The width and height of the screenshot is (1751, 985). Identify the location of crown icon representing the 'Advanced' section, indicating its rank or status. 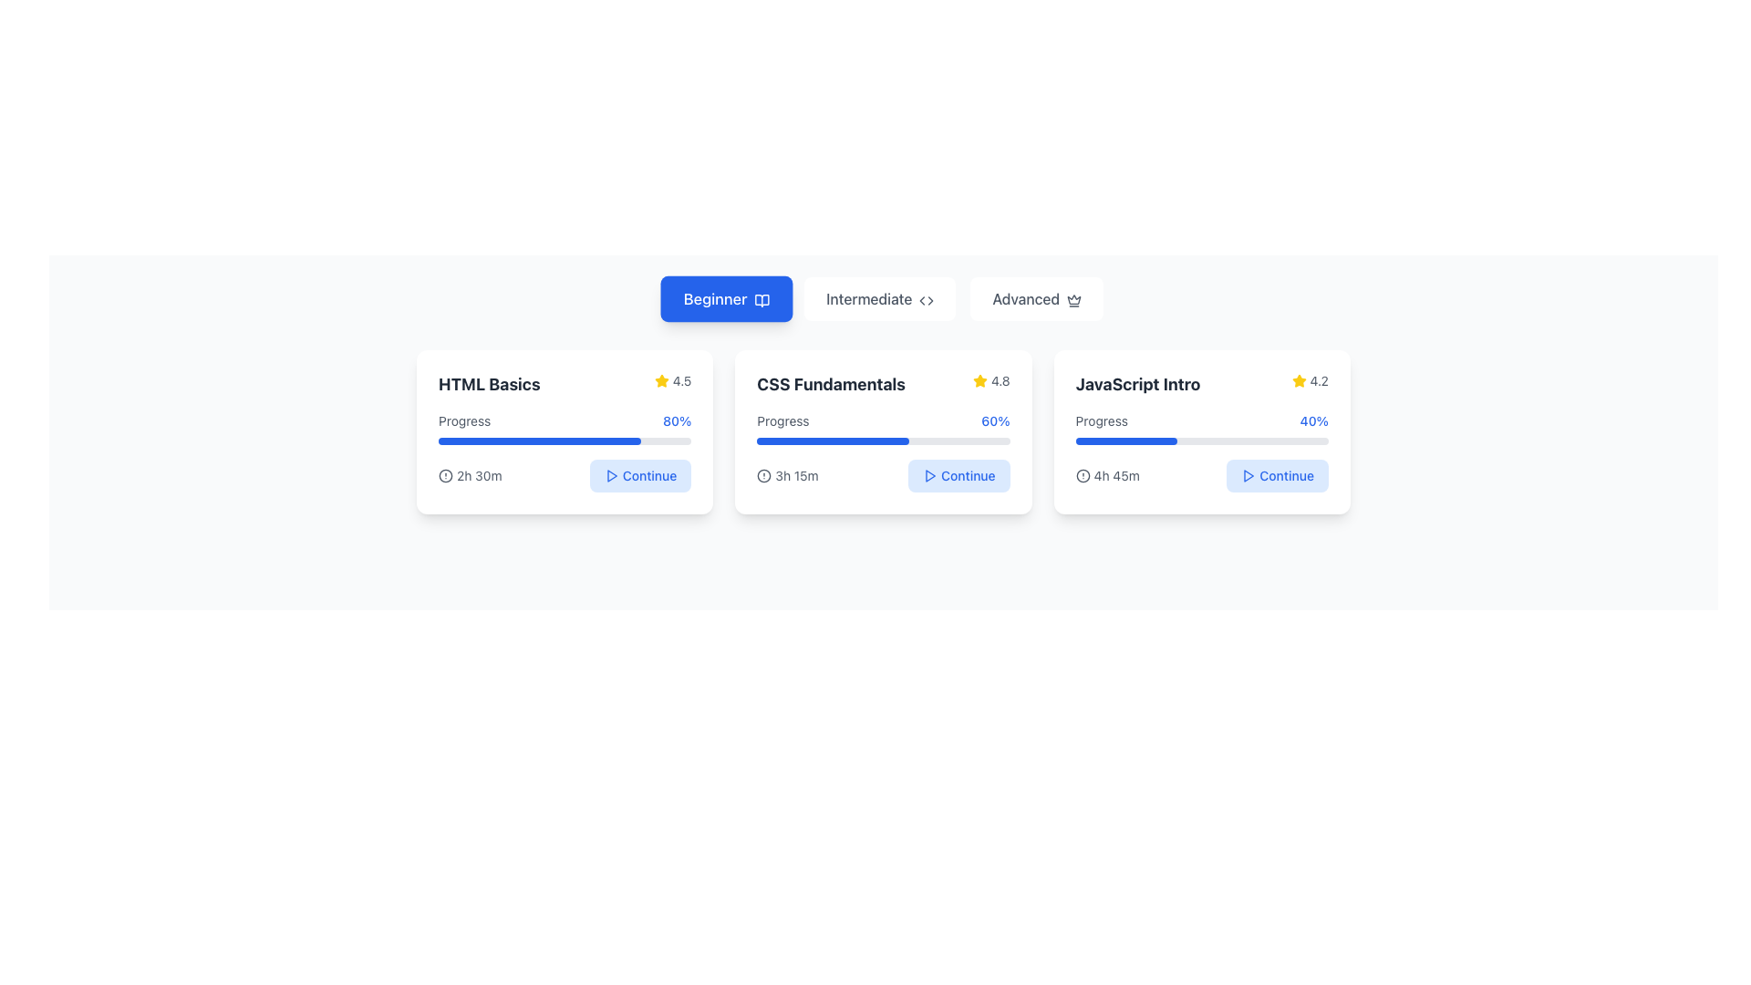
(1074, 298).